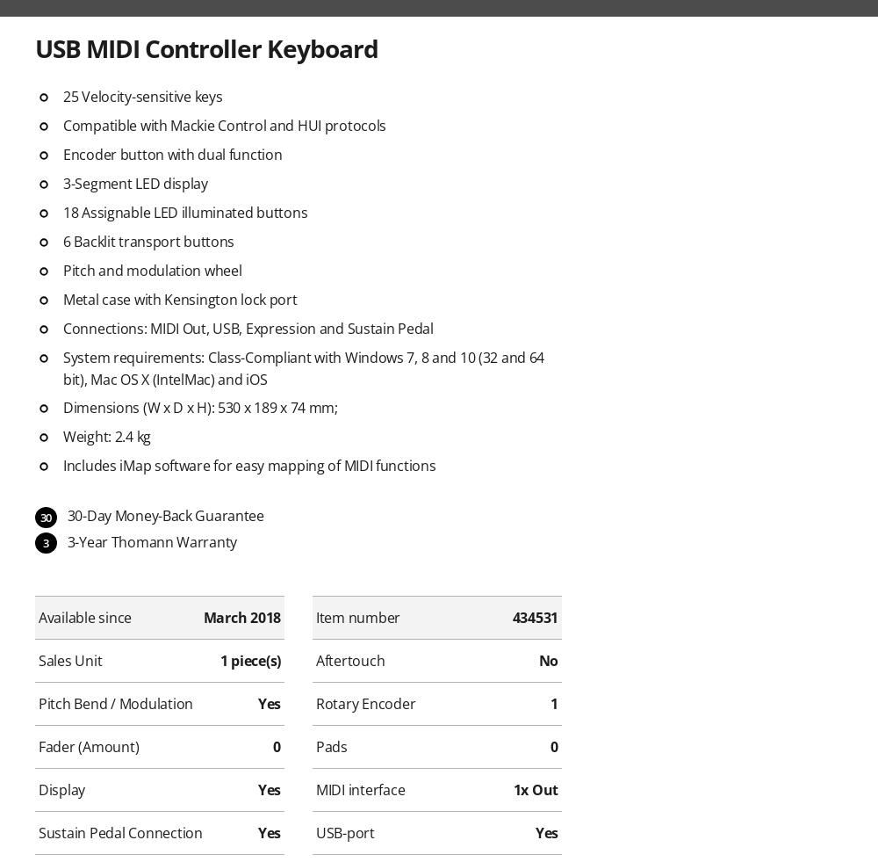 The height and width of the screenshot is (862, 878). I want to click on 'No', so click(547, 661).